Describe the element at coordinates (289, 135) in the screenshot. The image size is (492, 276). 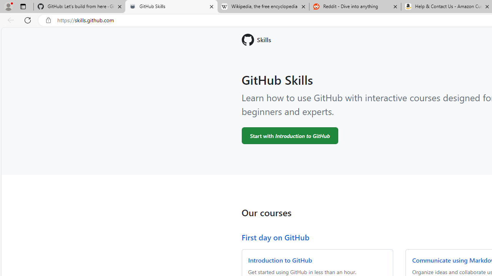
I see `'Start with Introduction to GitHub'` at that location.